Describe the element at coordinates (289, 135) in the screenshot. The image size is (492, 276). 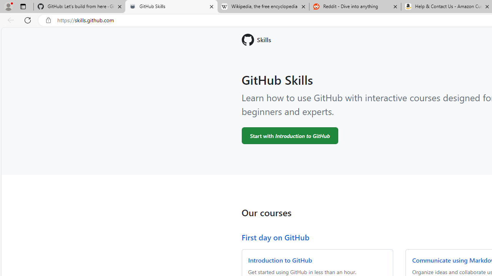
I see `'Start with Introduction to GitHub'` at that location.